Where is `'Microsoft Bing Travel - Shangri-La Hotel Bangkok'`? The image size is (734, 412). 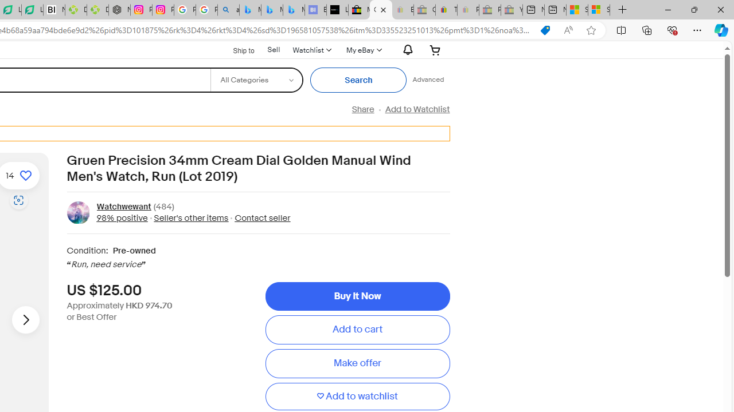
'Microsoft Bing Travel - Shangri-La Hotel Bangkok' is located at coordinates (294, 10).